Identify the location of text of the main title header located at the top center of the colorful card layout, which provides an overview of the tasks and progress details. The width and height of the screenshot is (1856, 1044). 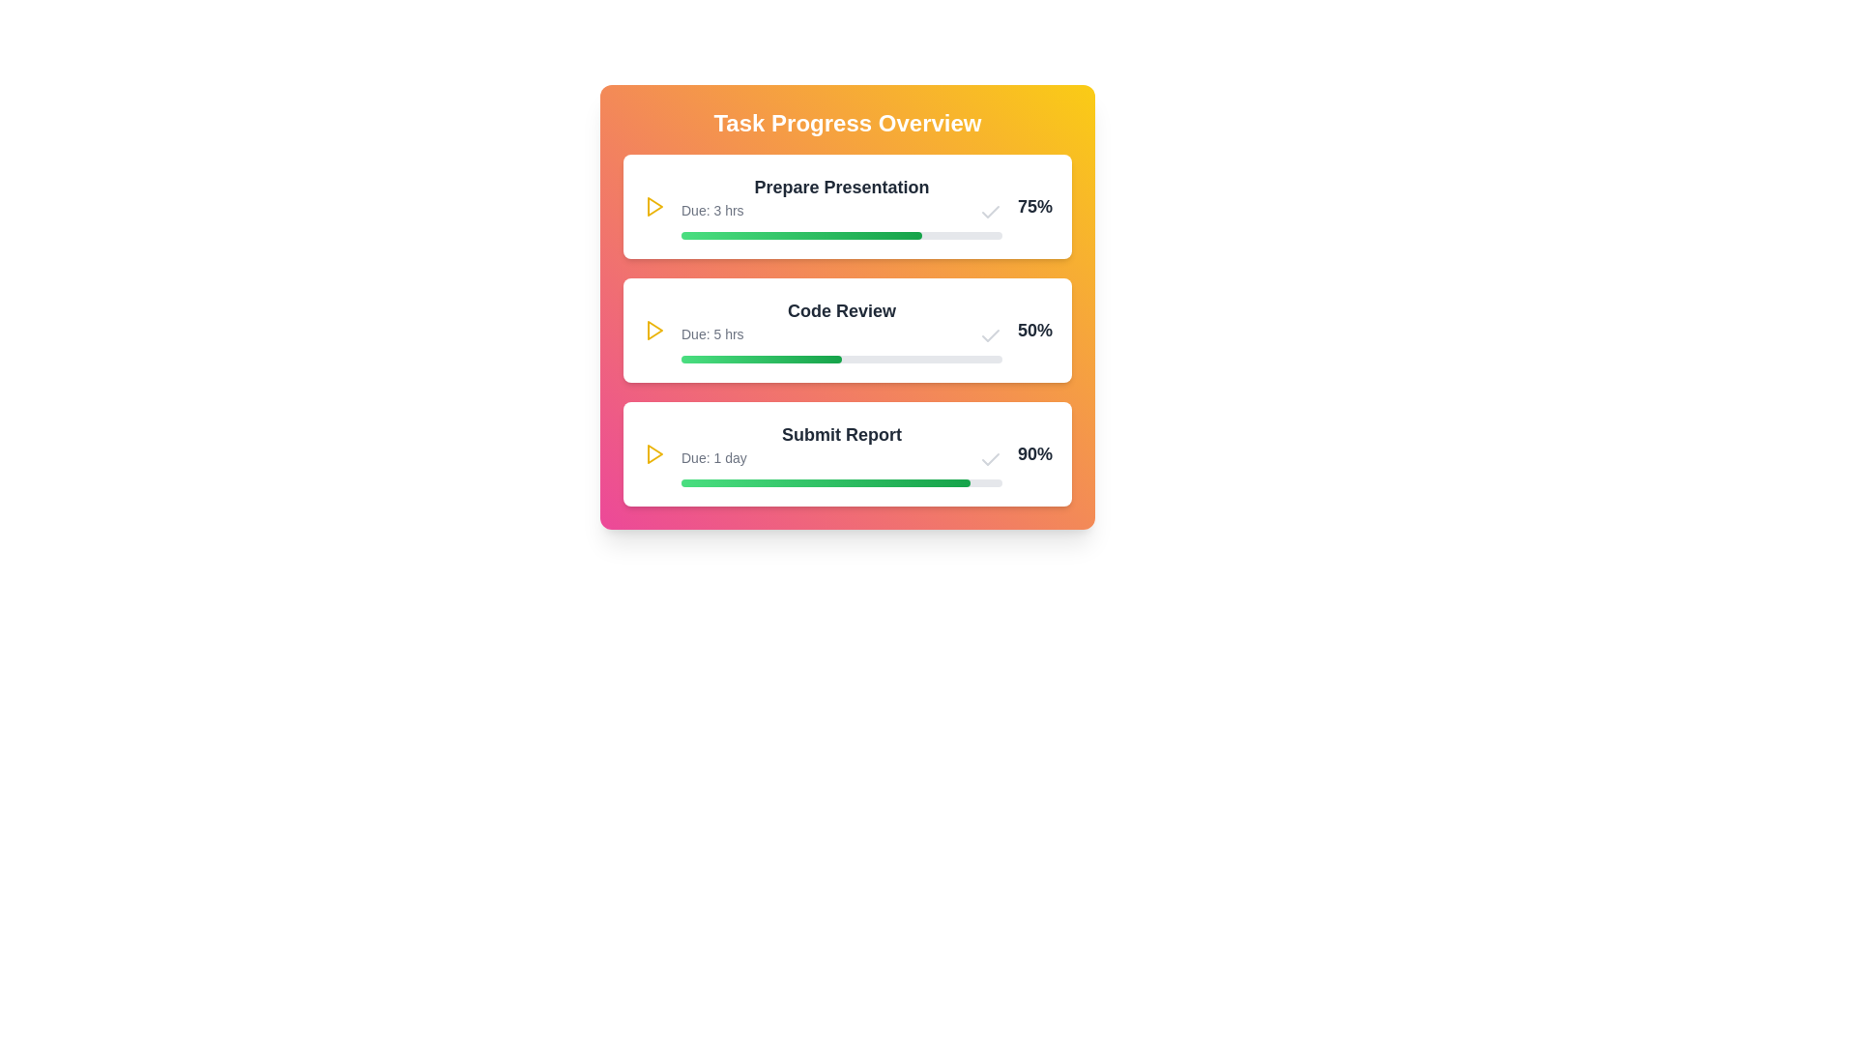
(848, 123).